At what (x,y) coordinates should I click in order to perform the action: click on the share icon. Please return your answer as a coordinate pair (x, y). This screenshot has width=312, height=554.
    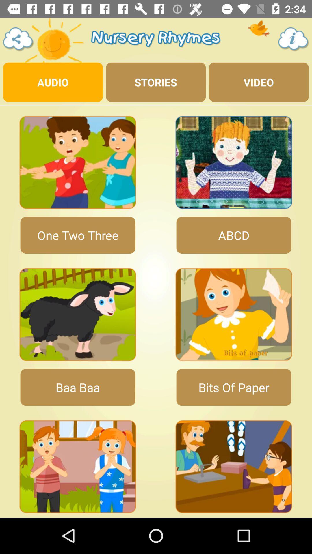
    Looking at the image, I should click on (18, 39).